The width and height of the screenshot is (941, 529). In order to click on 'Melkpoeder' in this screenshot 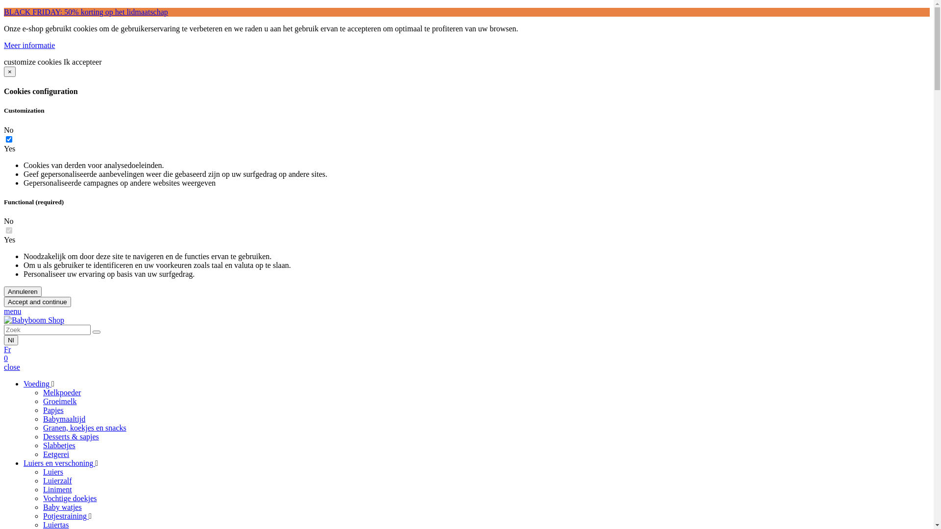, I will do `click(61, 392)`.